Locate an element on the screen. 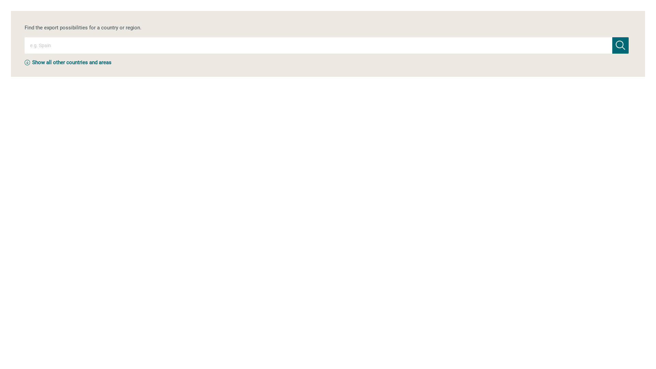  'Show all other countries and areas' is located at coordinates (72, 62).